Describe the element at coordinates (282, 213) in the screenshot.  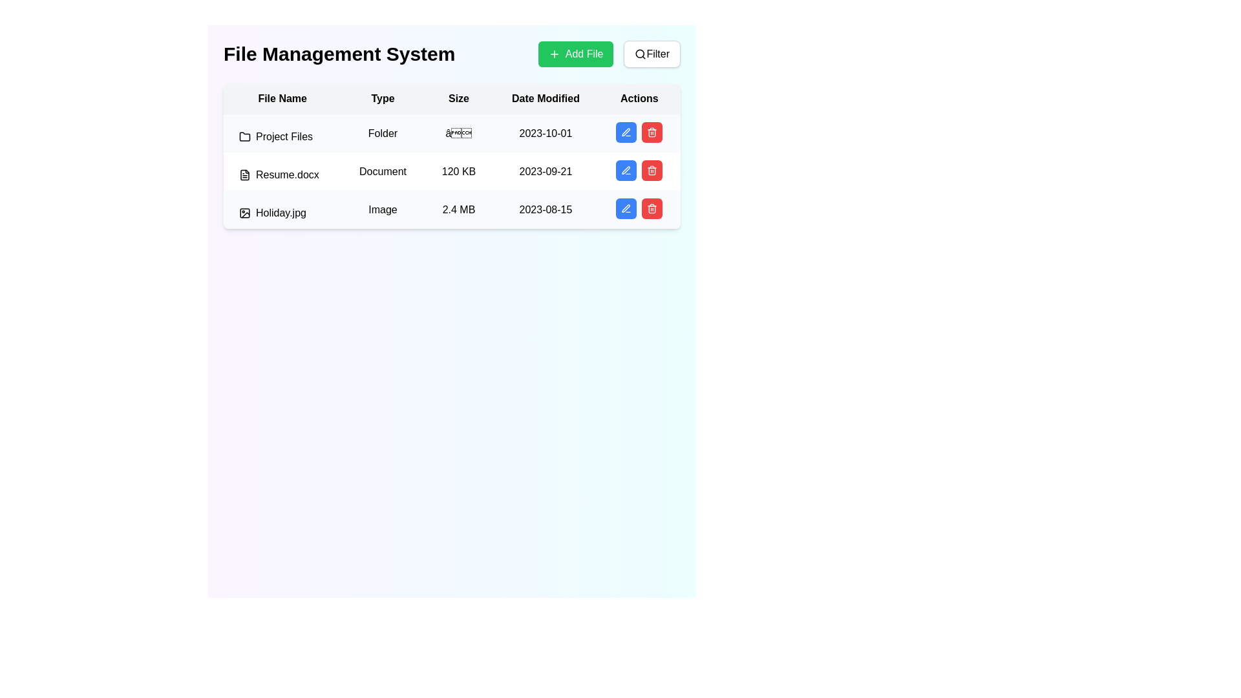
I see `the static display element representing the file 'Holiday.jpg'` at that location.